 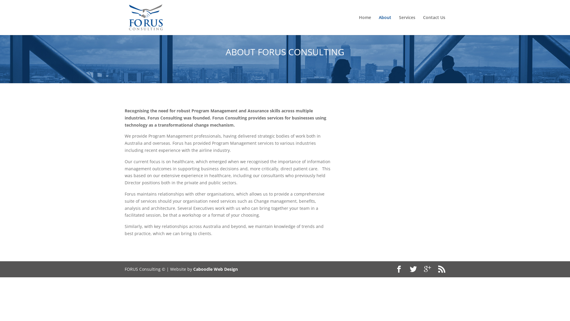 I want to click on 'Contact Us', so click(x=434, y=25).